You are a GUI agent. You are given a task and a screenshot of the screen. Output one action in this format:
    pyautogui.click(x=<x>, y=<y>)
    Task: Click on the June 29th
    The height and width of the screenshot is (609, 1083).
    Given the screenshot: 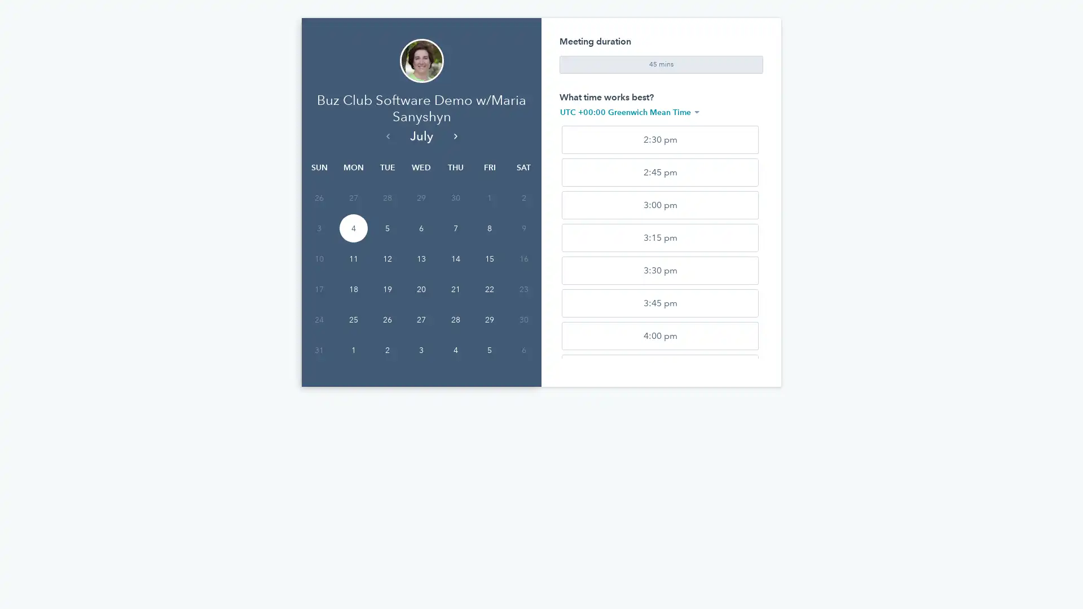 What is the action you would take?
    pyautogui.click(x=421, y=240)
    